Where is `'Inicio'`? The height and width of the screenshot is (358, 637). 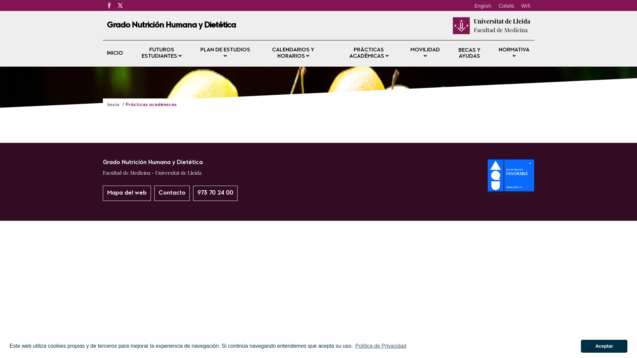
'Inicio' is located at coordinates (114, 104).